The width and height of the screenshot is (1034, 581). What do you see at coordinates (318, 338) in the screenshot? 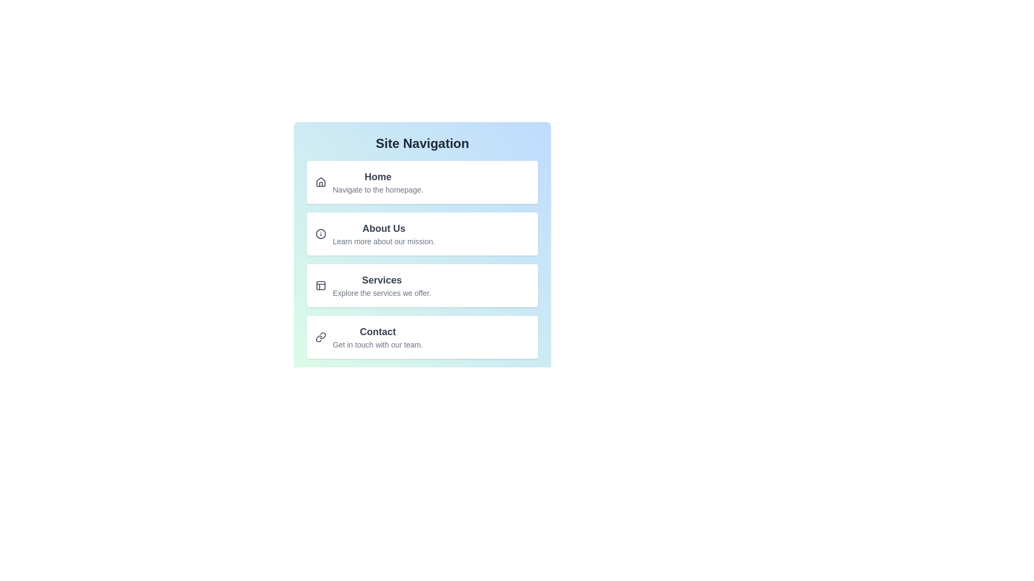
I see `the decorative link icon located in the 'Contact' section of the navigation panel, which symbolizes connection` at bounding box center [318, 338].